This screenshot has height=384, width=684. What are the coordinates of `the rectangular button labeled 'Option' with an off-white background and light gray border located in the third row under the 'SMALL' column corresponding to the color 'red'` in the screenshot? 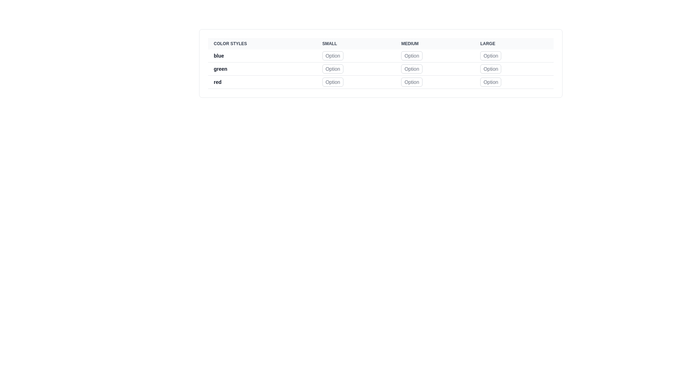 It's located at (332, 82).